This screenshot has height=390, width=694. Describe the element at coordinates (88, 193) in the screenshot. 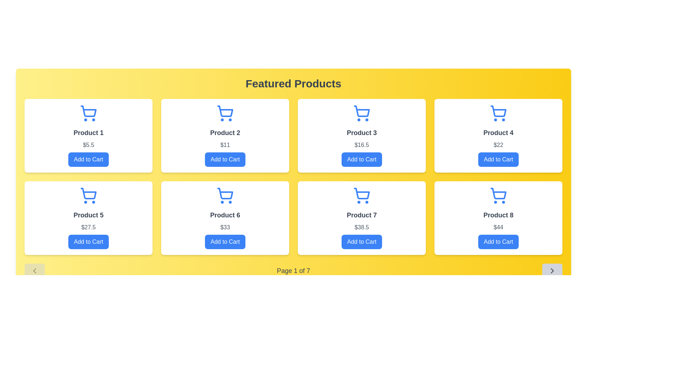

I see `the decorative component of the shopping cart icon for 'Product 5', located in the second row, first column of the product grid` at that location.